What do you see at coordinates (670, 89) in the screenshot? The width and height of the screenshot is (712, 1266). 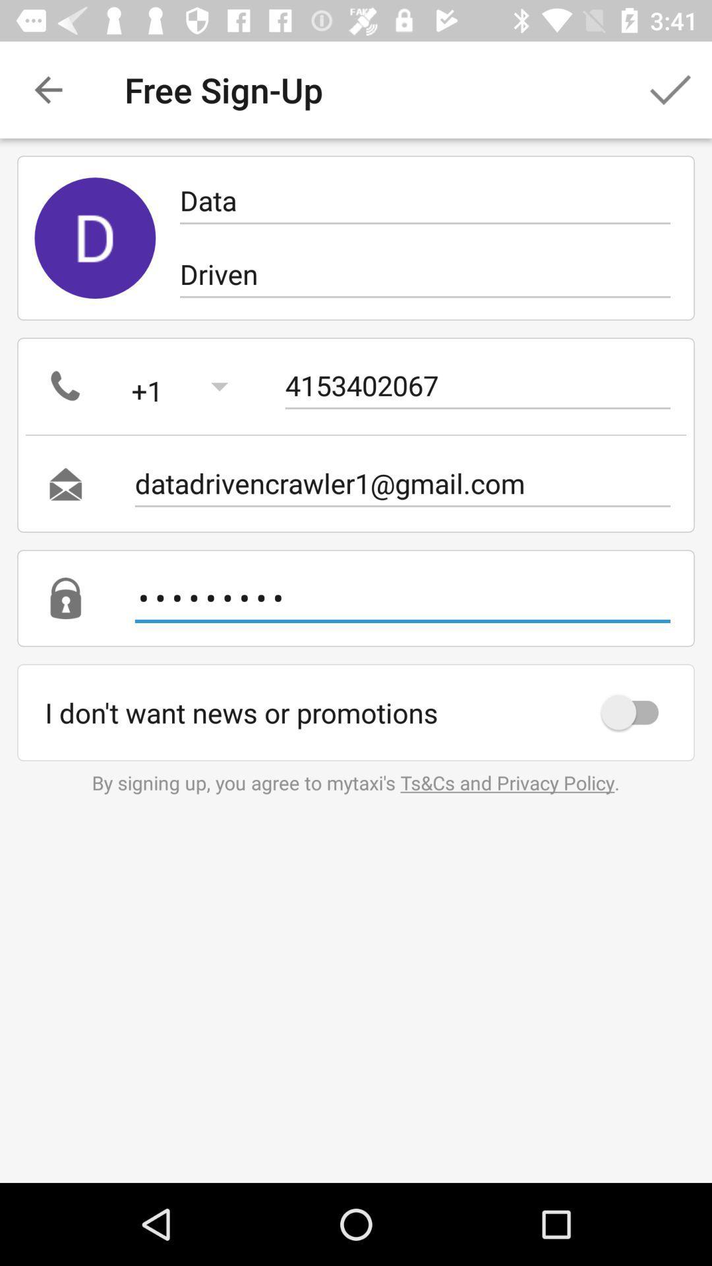 I see `the item to the right of the free sign-up icon` at bounding box center [670, 89].